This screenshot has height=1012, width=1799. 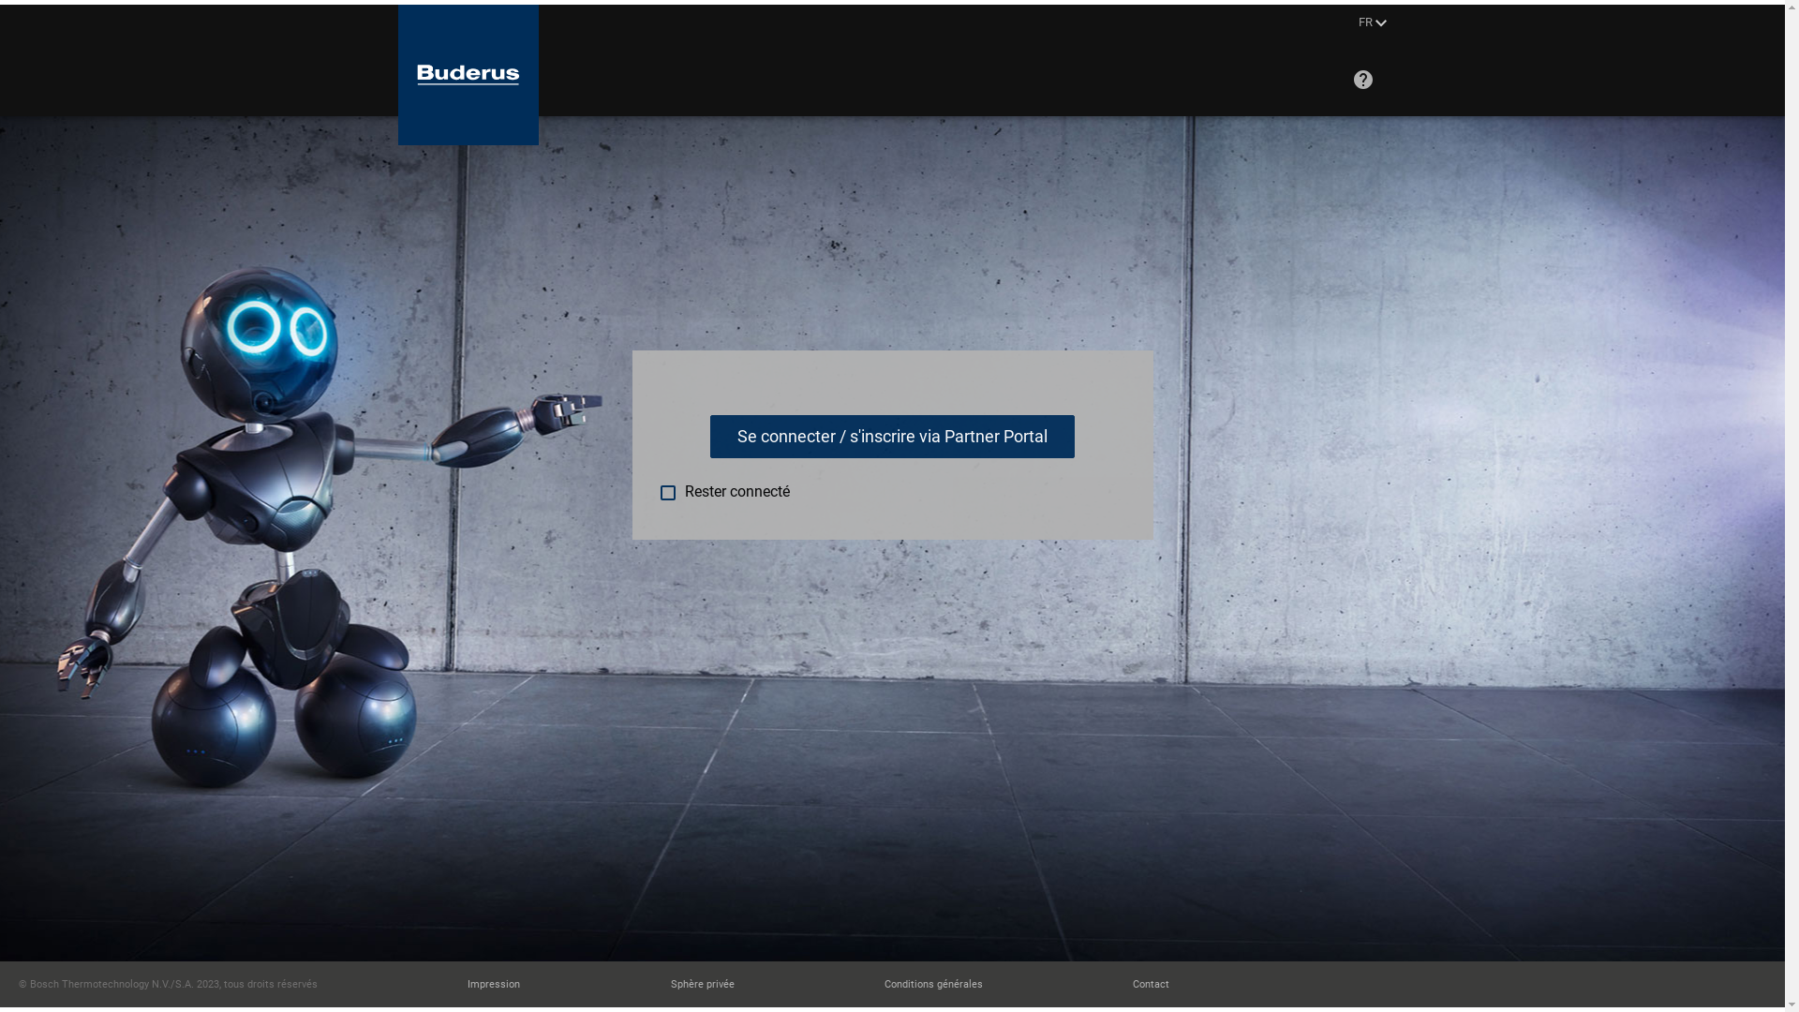 I want to click on 'Se connecter / s'inscrire via Partner Portal', so click(x=891, y=437).